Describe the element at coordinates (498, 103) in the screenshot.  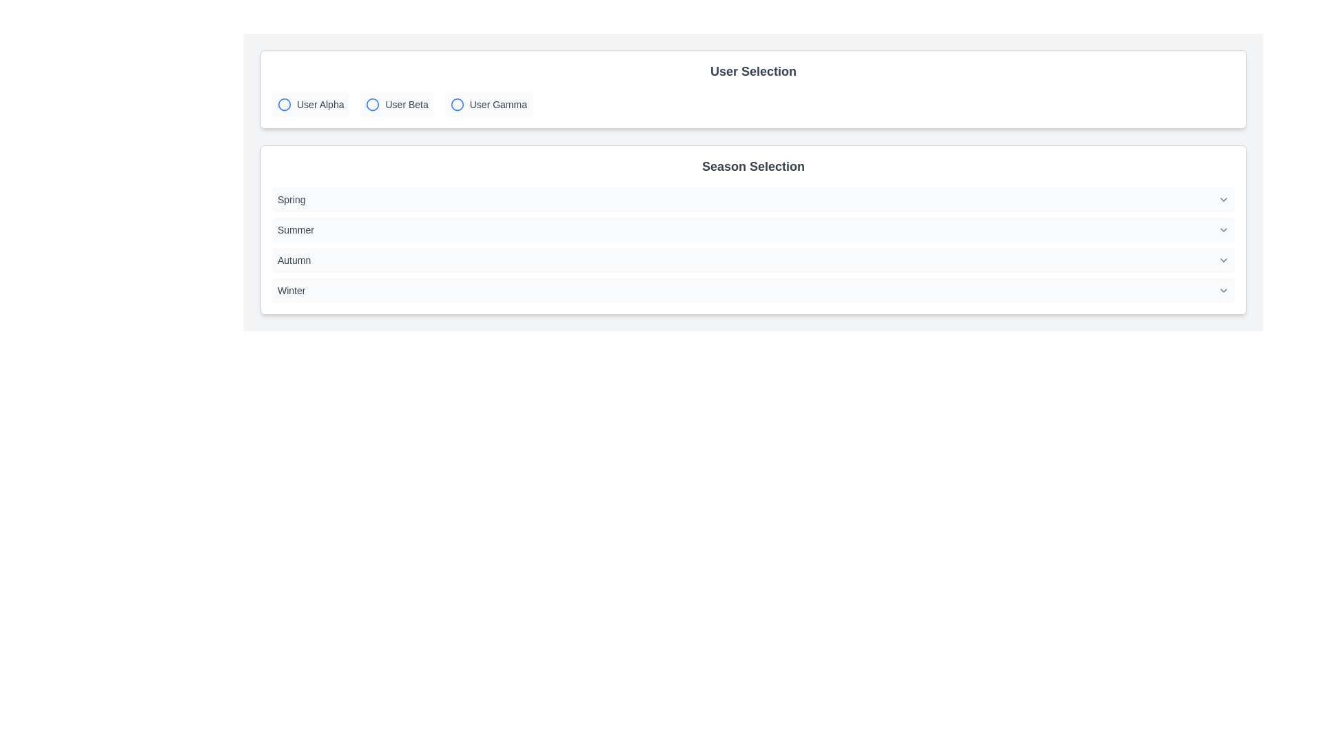
I see `the text label 'User Gamma' in a gray font style` at that location.